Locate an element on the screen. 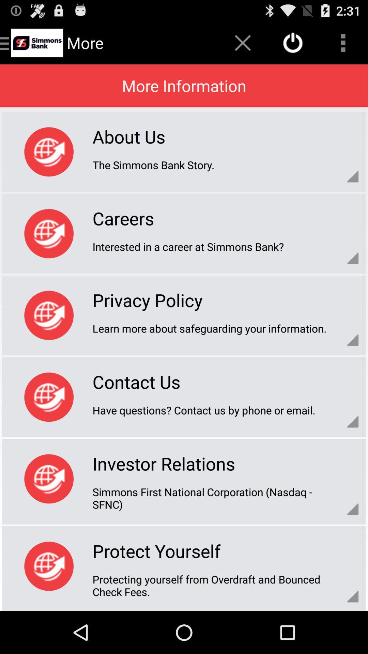  the option which is beside carers is located at coordinates (48, 234).